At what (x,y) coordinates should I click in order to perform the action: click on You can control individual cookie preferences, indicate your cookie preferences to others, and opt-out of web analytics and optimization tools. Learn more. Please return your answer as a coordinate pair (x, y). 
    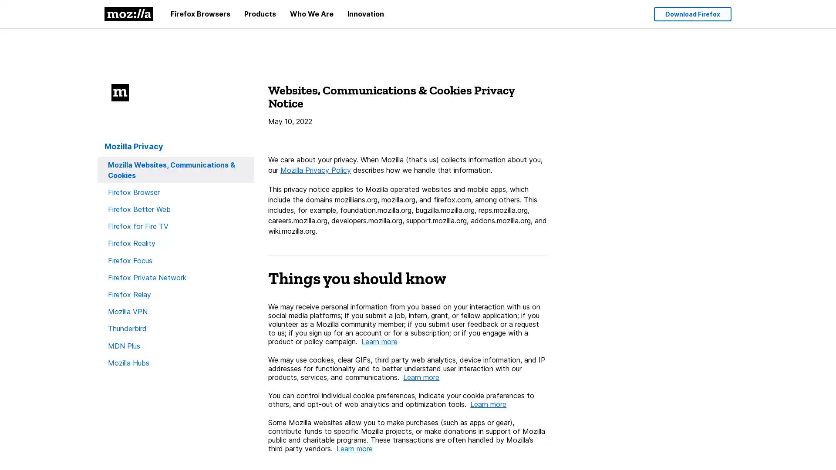
    Looking at the image, I should click on (407, 399).